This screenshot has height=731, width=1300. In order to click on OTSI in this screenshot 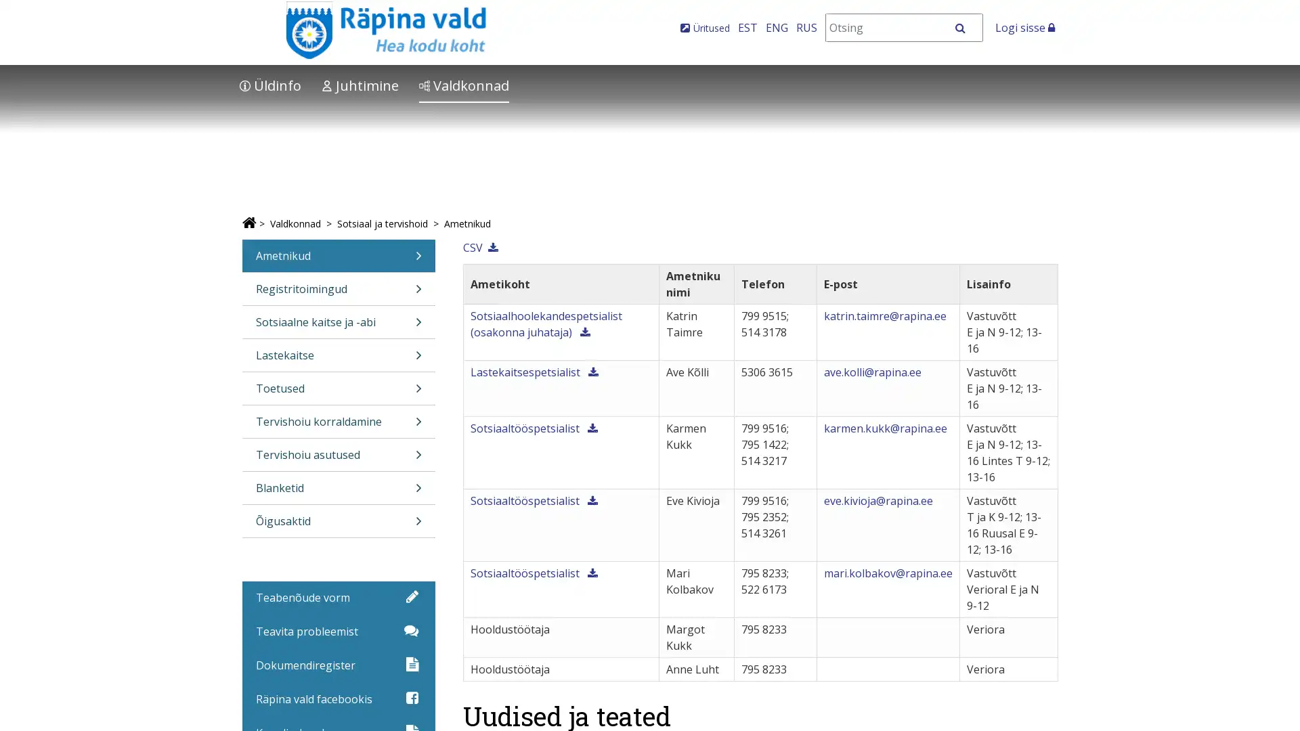, I will do `click(967, 28)`.